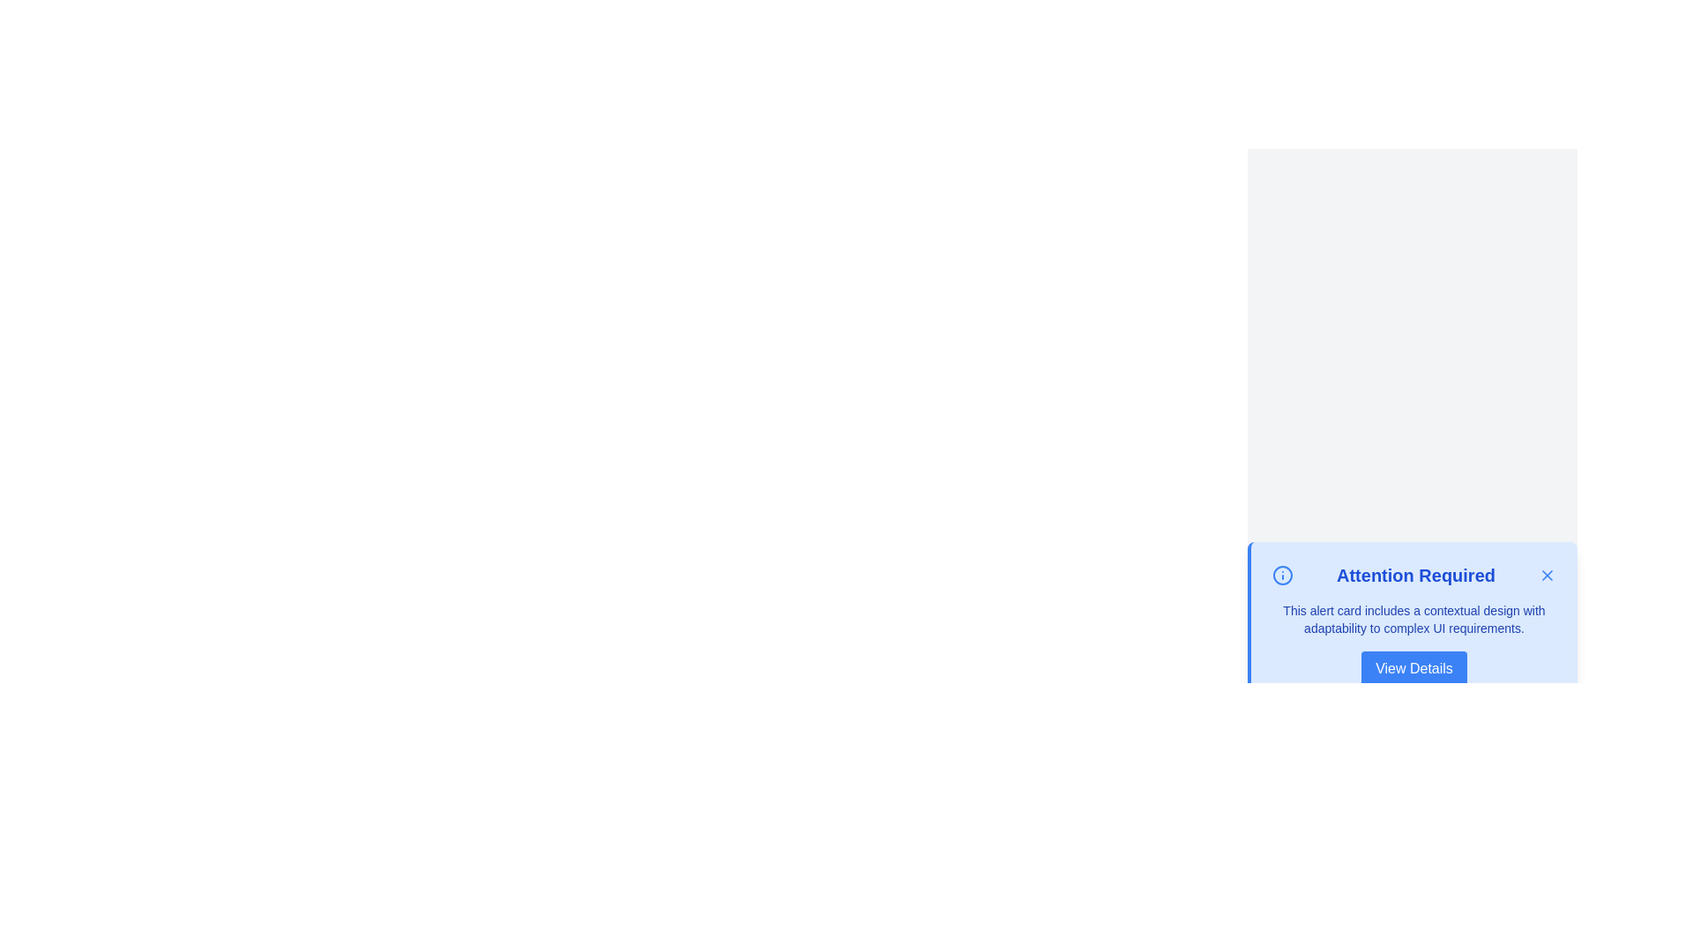  What do you see at coordinates (1547, 575) in the screenshot?
I see `the 'X' icon styled as a close button located at the far right of the header of the alert box titled 'Attention Required'` at bounding box center [1547, 575].